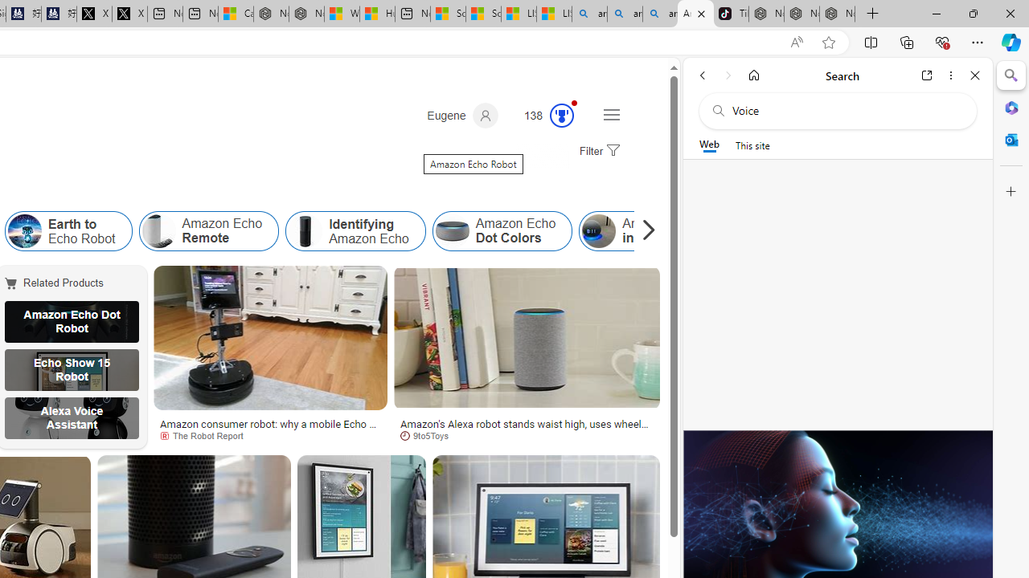 Image resolution: width=1029 pixels, height=578 pixels. What do you see at coordinates (461, 115) in the screenshot?
I see `'Eugene'` at bounding box center [461, 115].